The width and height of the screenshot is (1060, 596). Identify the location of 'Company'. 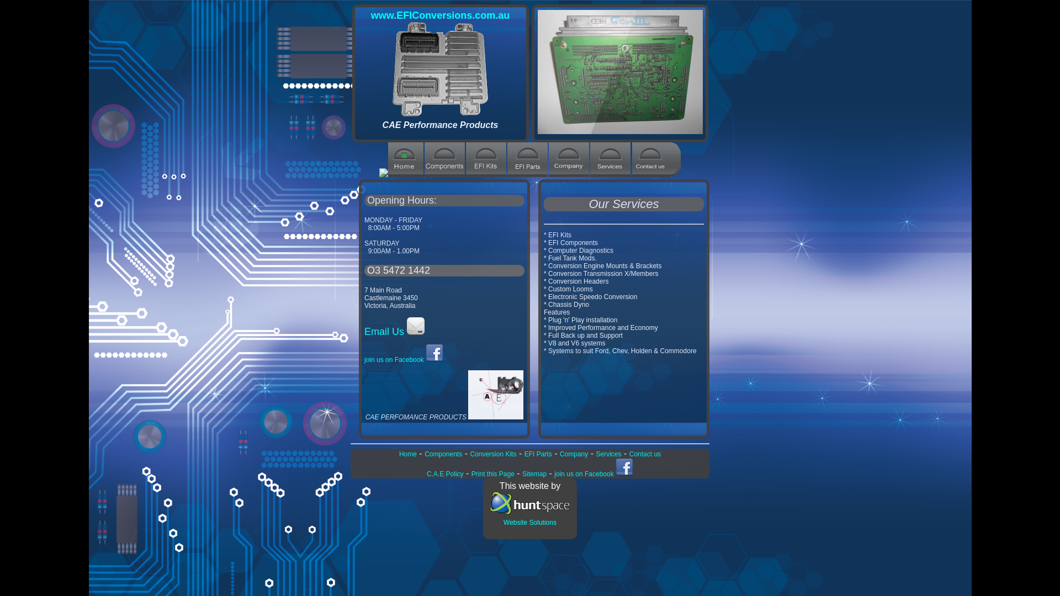
(574, 454).